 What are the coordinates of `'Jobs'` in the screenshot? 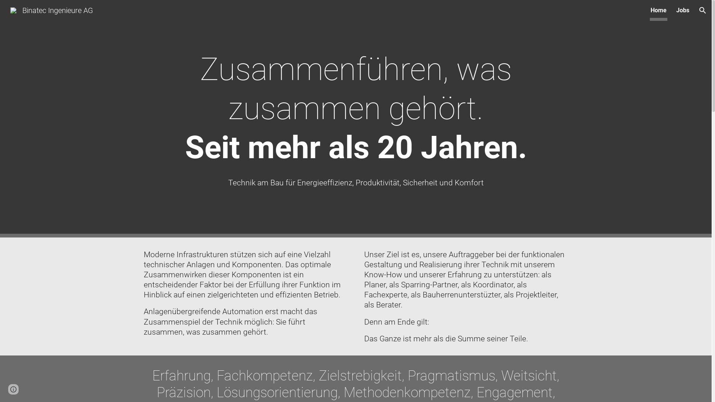 It's located at (683, 10).